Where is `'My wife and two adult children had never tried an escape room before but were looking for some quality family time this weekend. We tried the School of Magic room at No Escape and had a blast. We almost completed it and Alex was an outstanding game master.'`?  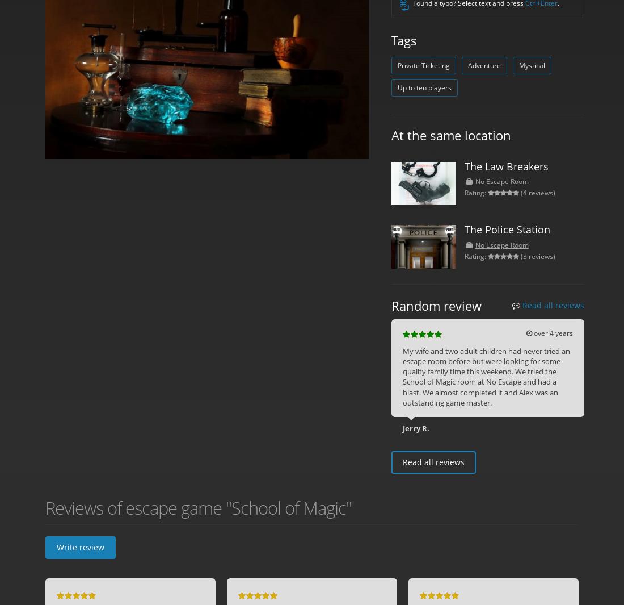
'My wife and two adult children had never tried an escape room before but were looking for some quality family time this weekend. We tried the School of Magic room at No Escape and had a blast. We almost completed it and Alex was an outstanding game master.' is located at coordinates (486, 376).